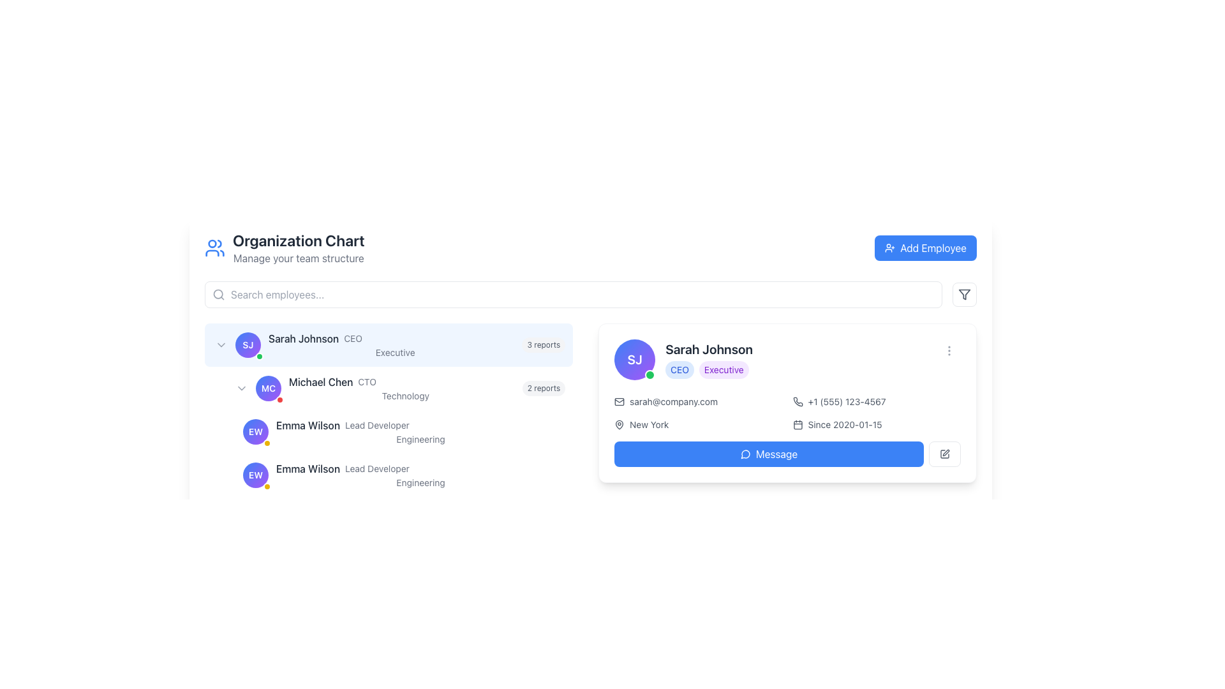  Describe the element at coordinates (708, 349) in the screenshot. I see `name displayed in the text label at the top of the profile card, which serves as the primary identifier of the individual` at that location.